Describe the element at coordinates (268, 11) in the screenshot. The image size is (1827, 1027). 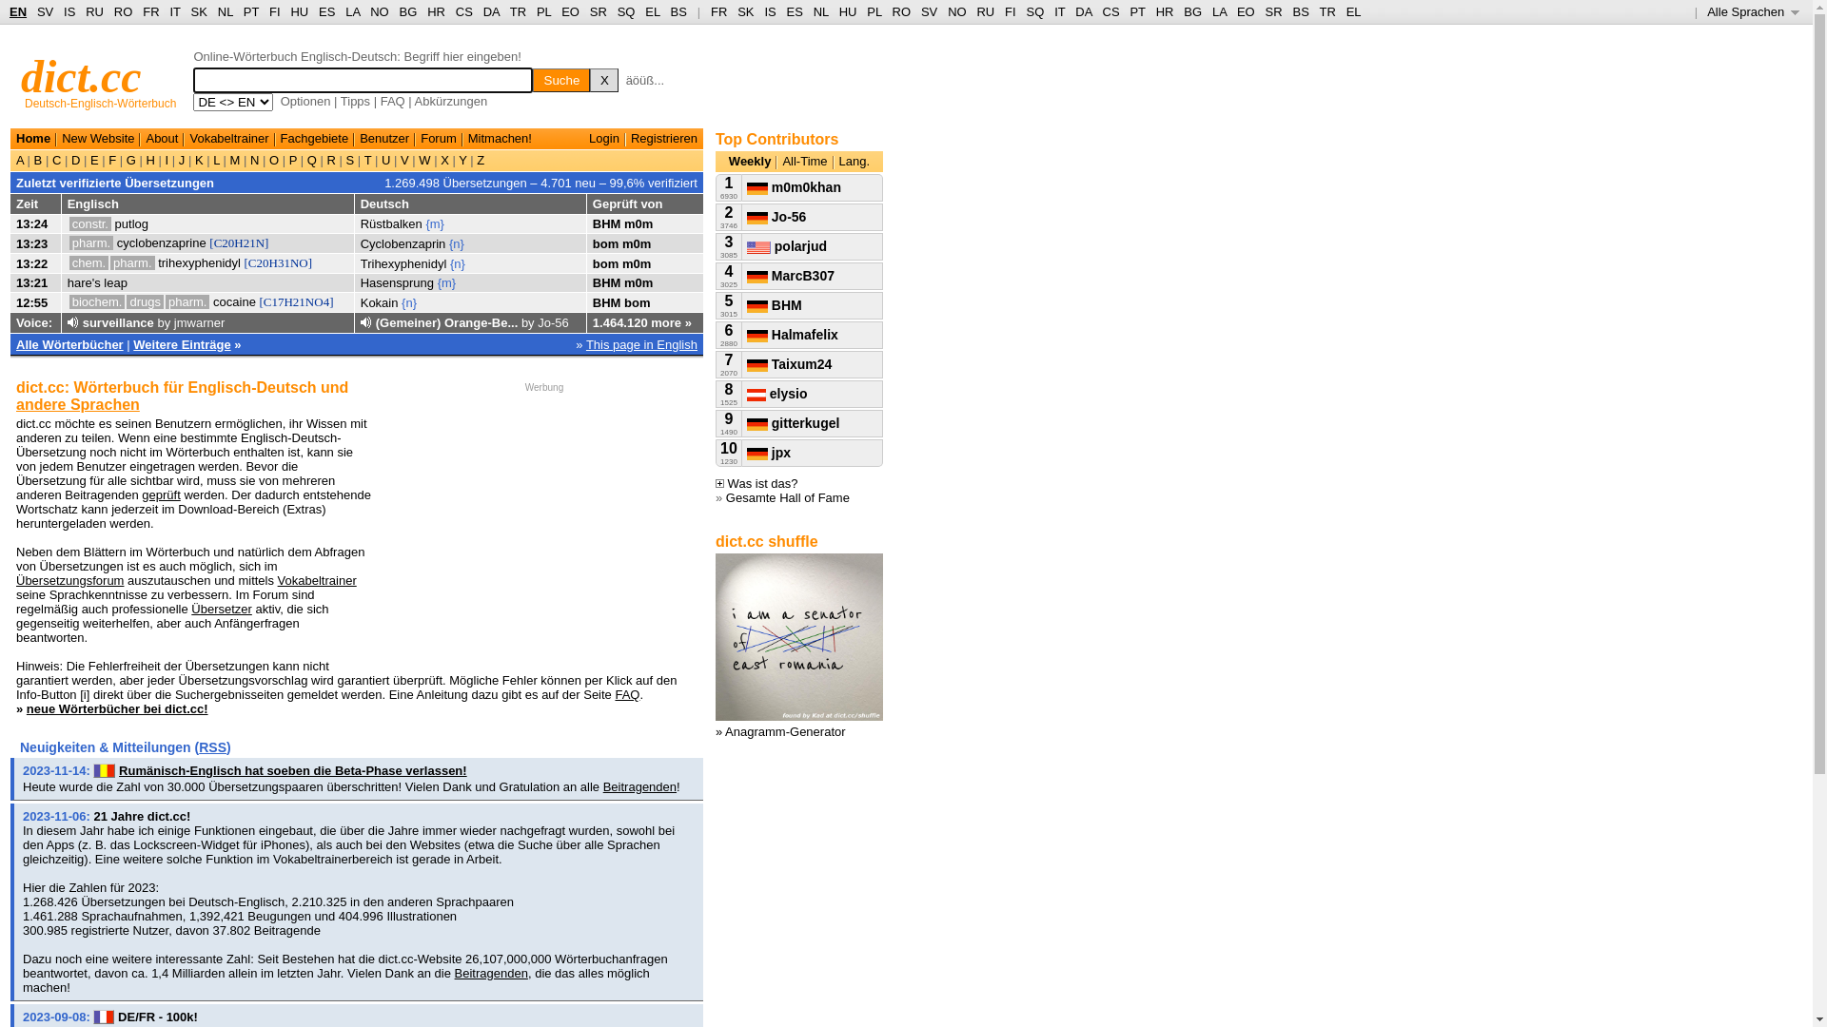
I see `'FI'` at that location.